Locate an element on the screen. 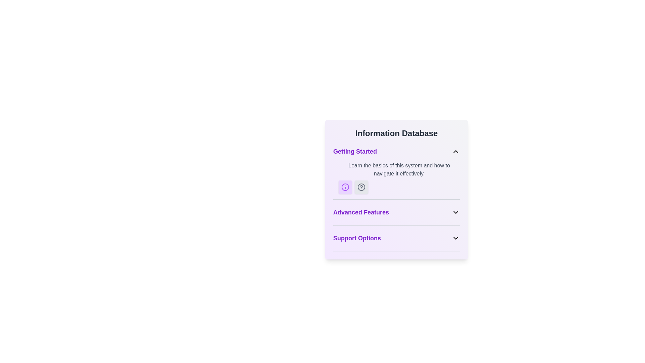 The height and width of the screenshot is (363, 645). the informational icon with a purple border and white background located under the 'Getting Started' heading, adjacent to a question-mark icon is located at coordinates (345, 187).